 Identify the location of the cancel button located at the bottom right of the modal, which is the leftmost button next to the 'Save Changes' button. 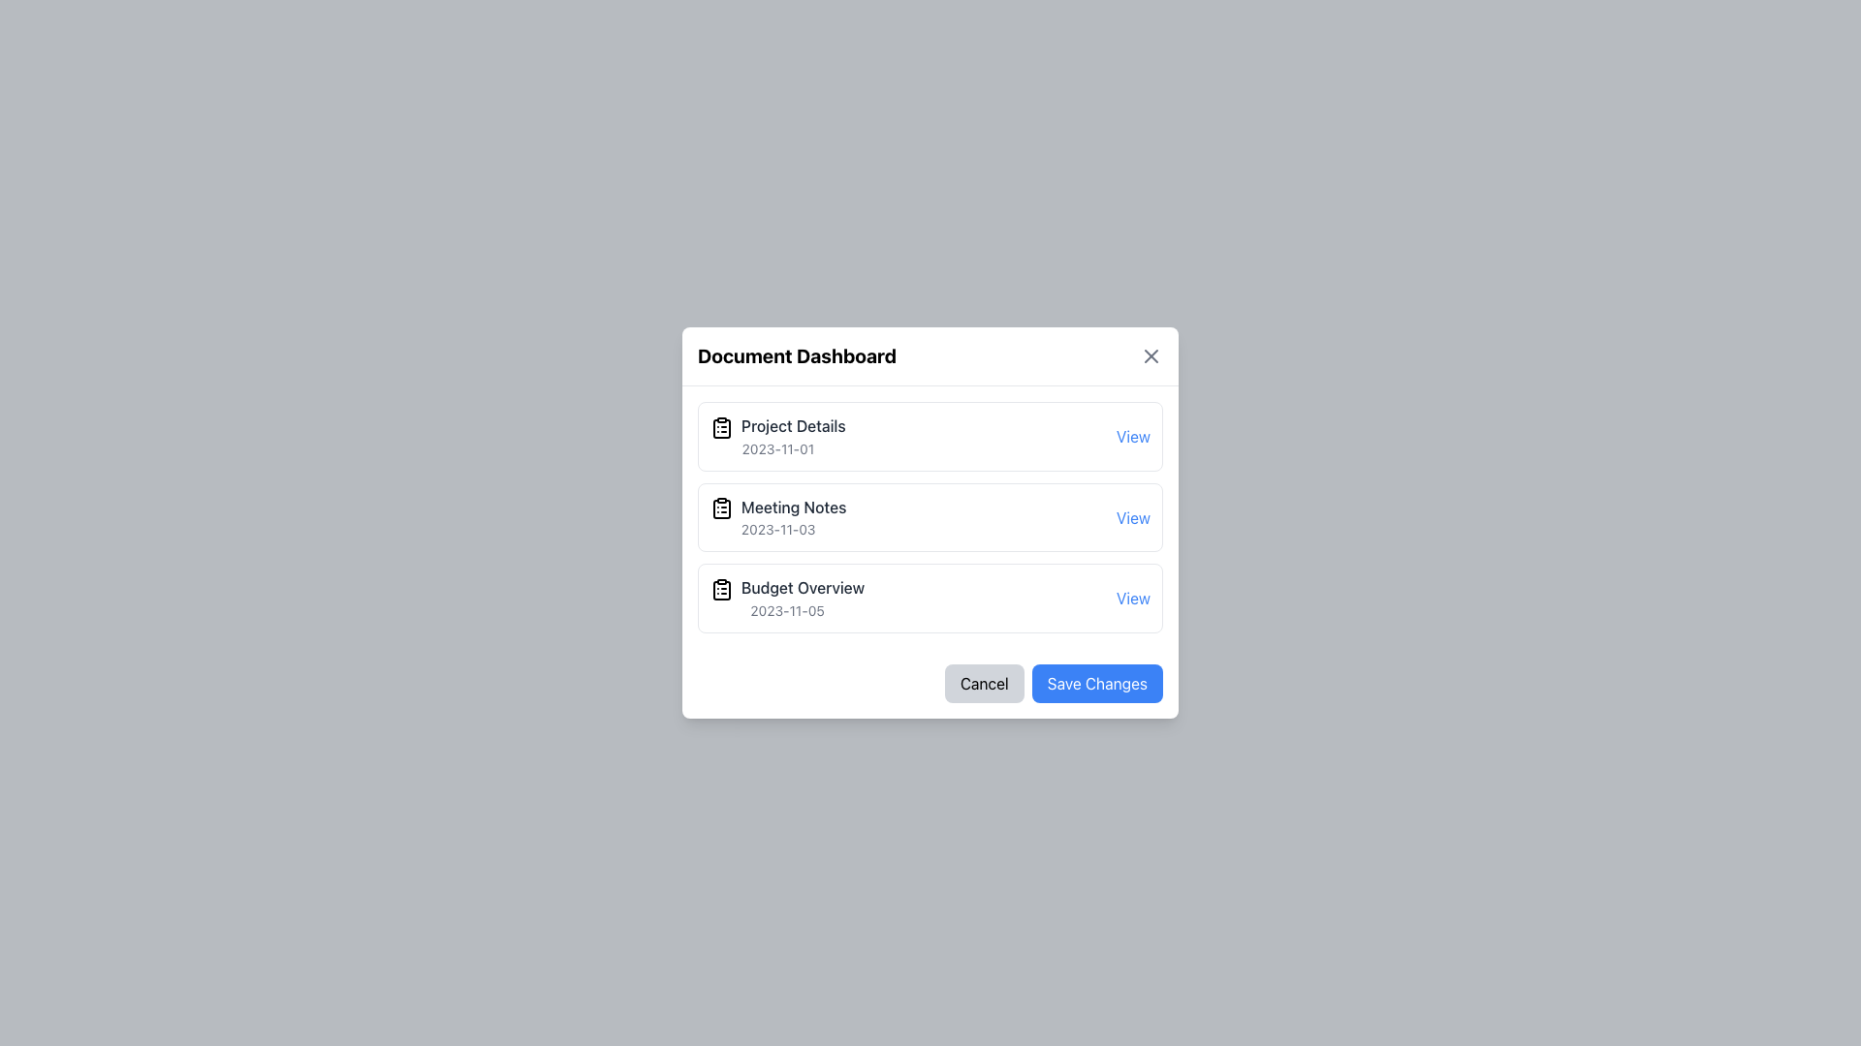
(984, 683).